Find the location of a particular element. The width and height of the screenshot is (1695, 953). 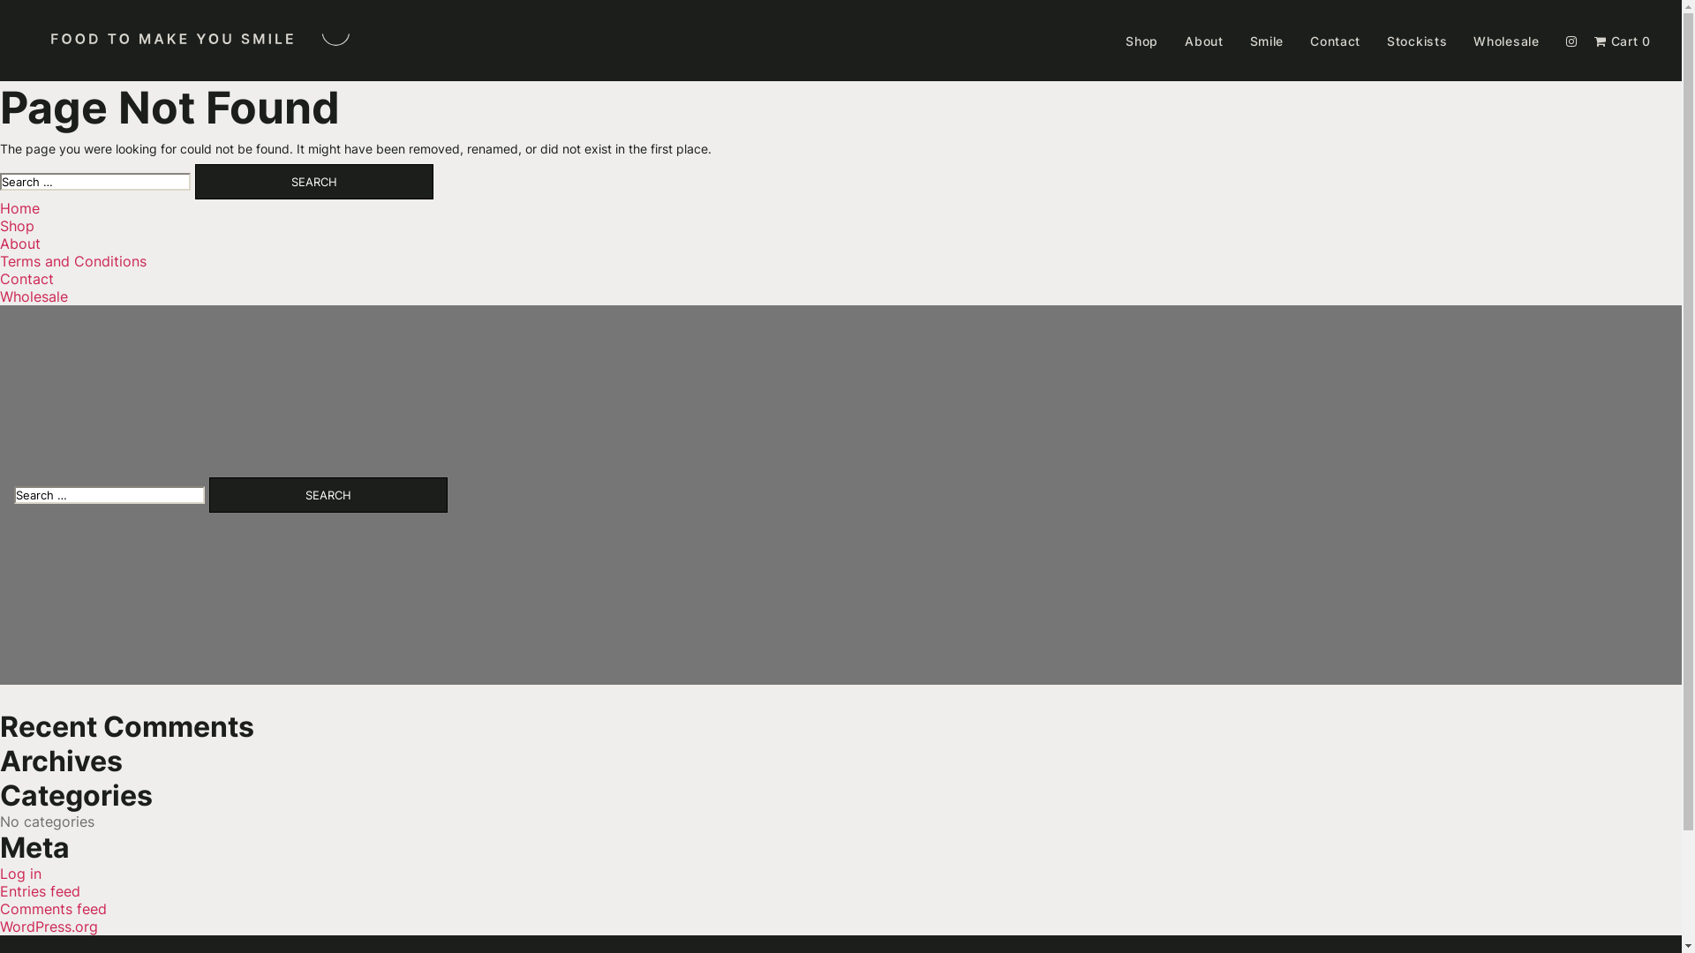

'Home' is located at coordinates (19, 206).